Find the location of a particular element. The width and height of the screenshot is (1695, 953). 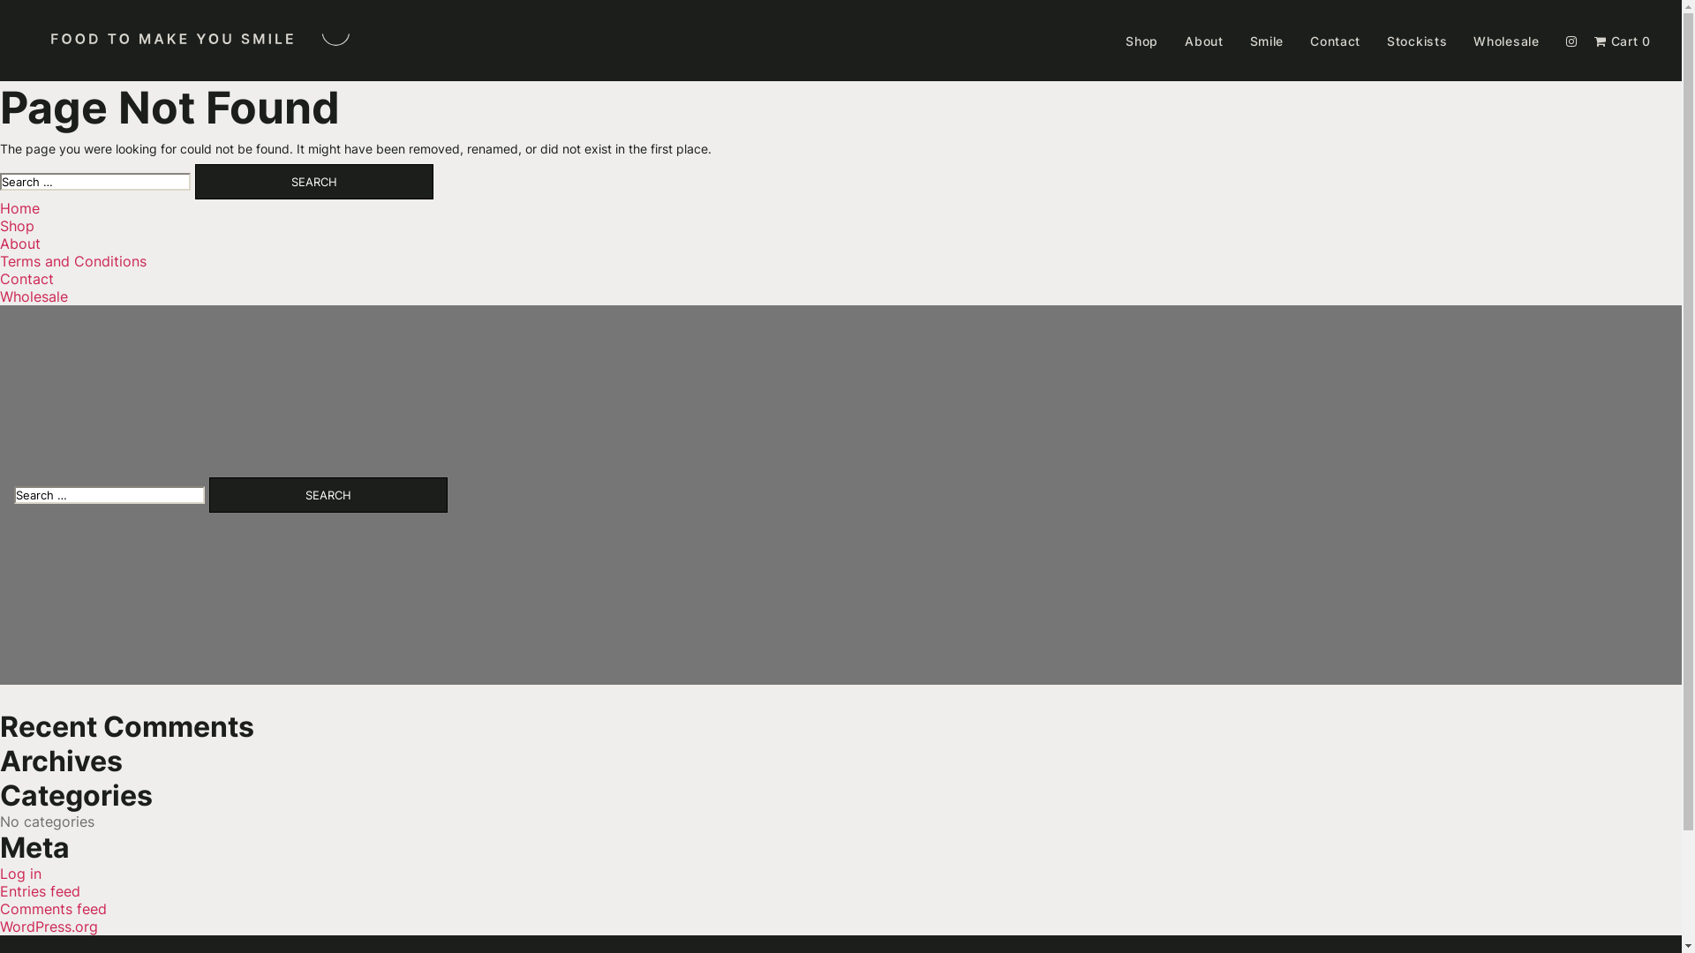

'Home' is located at coordinates (19, 206).